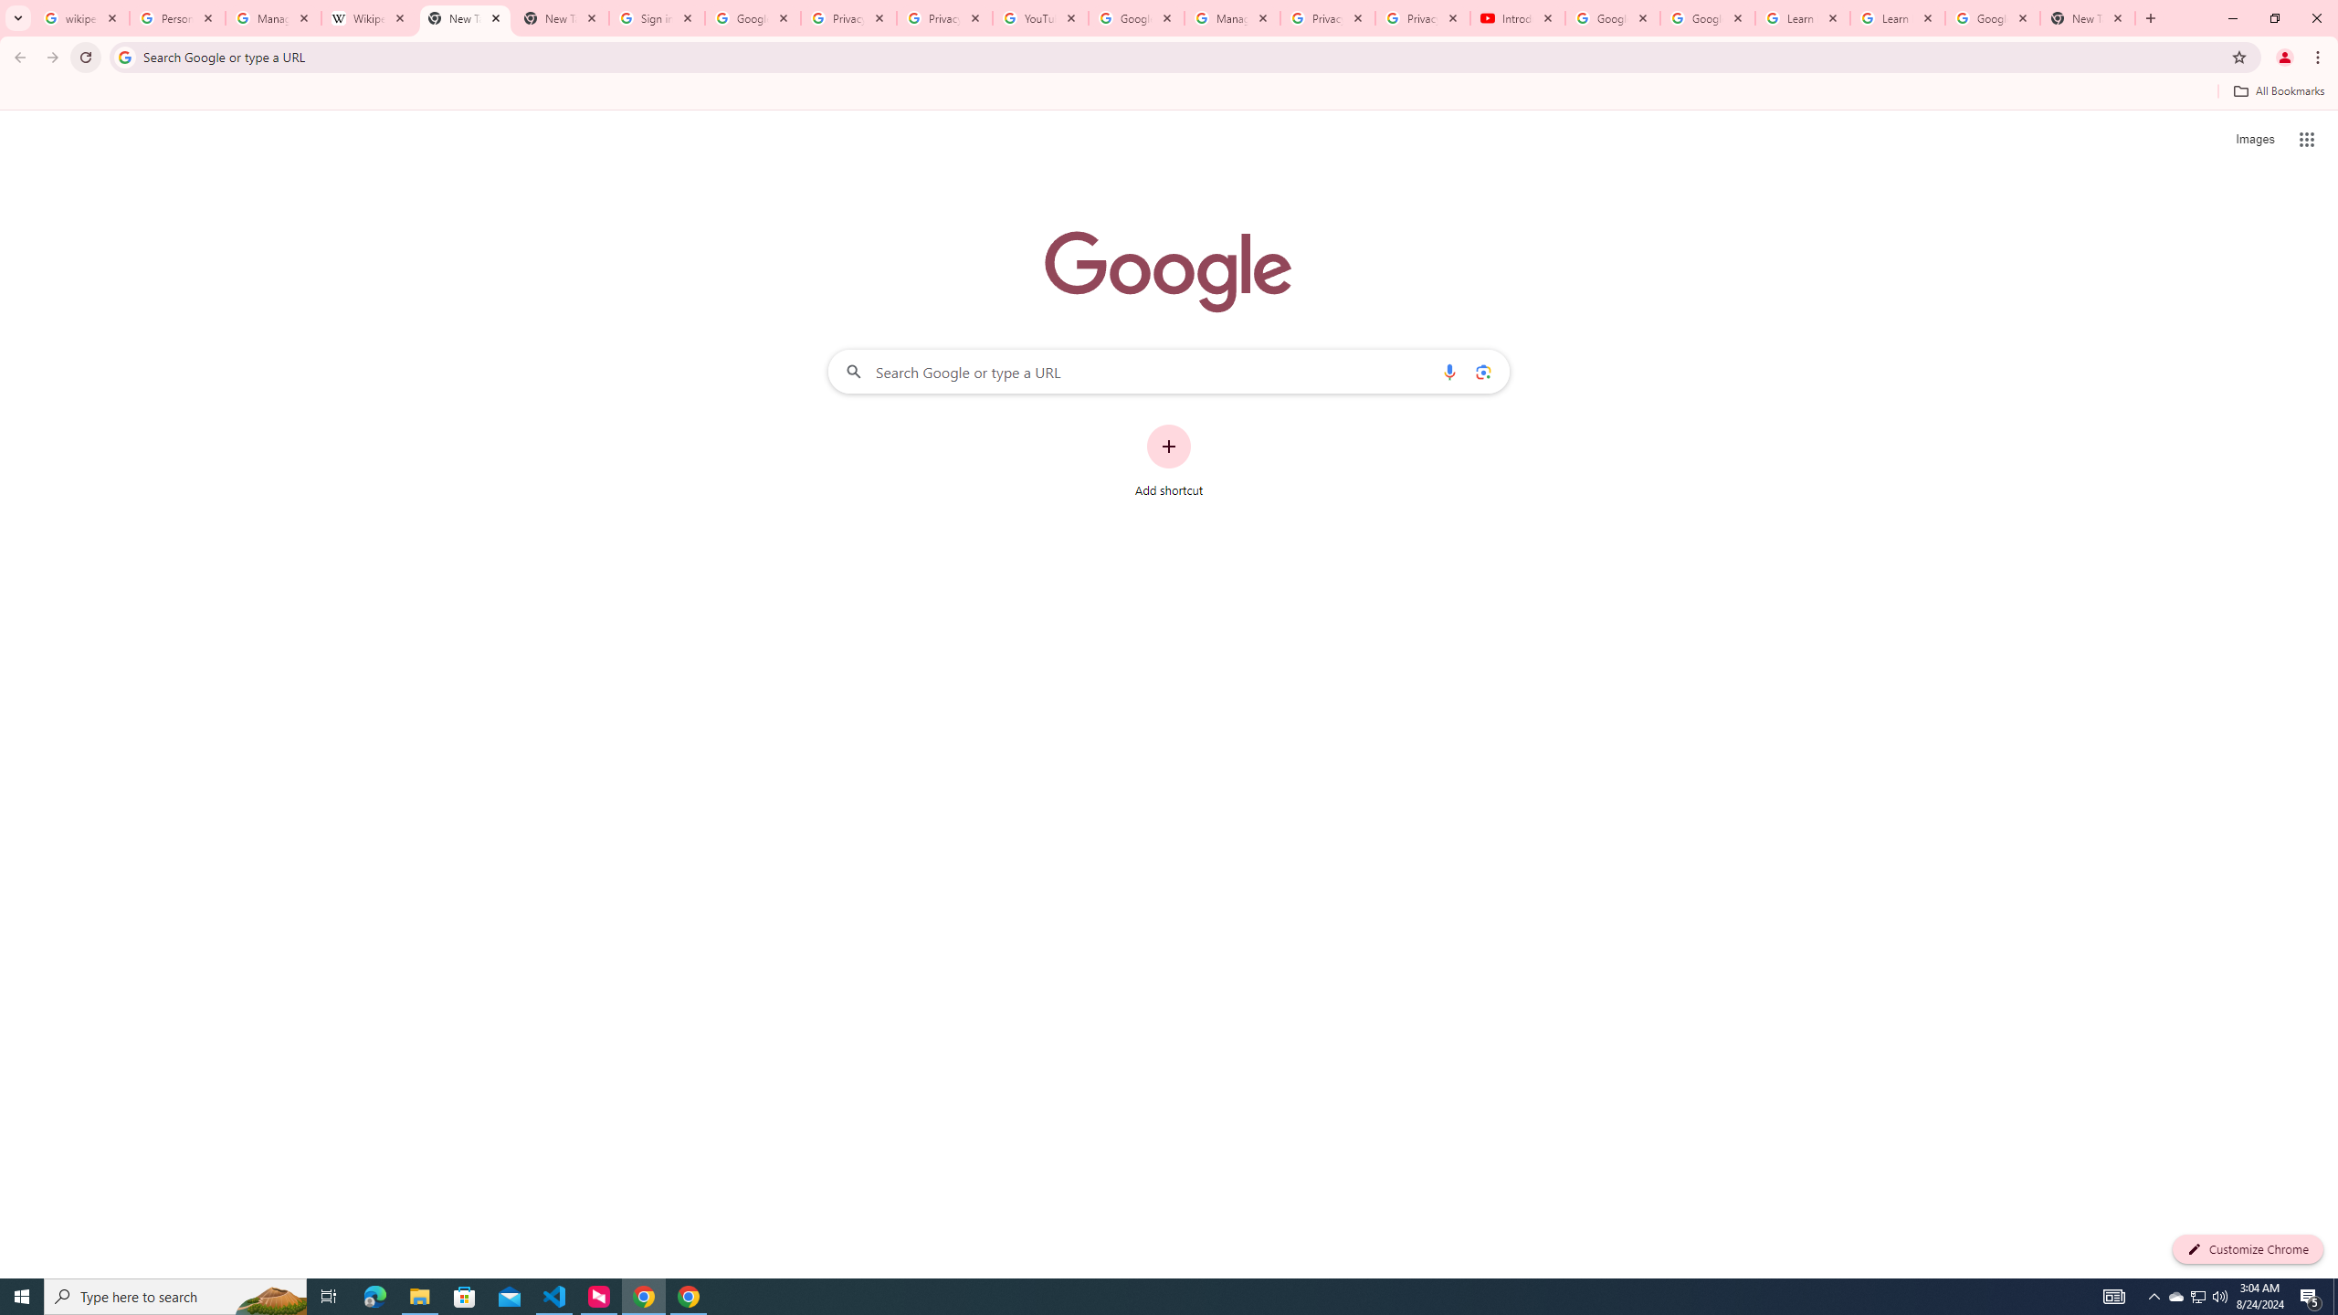 This screenshot has width=2338, height=1315. I want to click on 'Google Drive: Sign-in', so click(752, 17).